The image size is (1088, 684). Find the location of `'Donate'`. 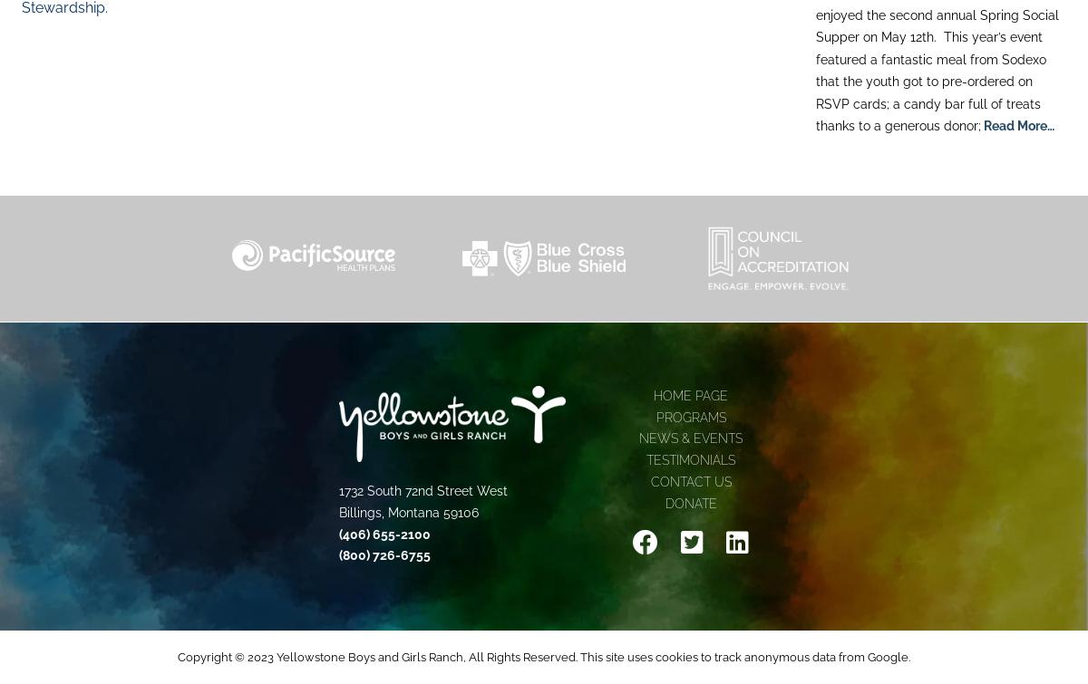

'Donate' is located at coordinates (689, 502).